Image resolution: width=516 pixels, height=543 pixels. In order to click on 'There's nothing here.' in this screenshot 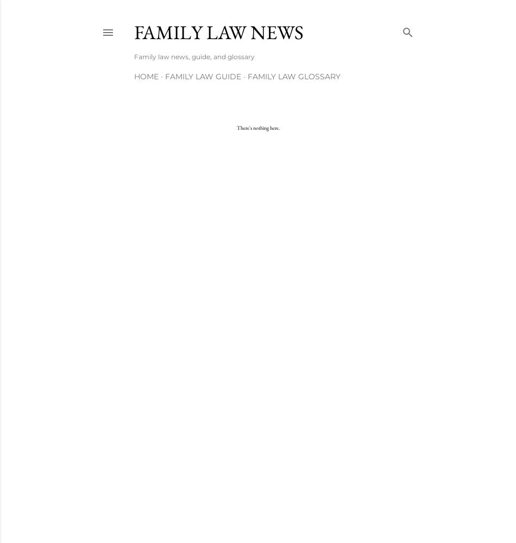, I will do `click(257, 127)`.